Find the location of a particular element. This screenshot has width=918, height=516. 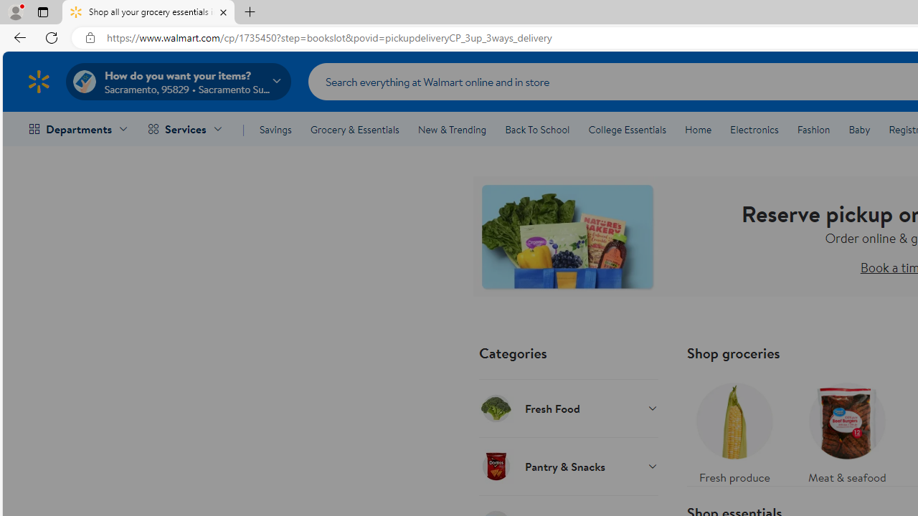

'Savings' is located at coordinates (275, 130).